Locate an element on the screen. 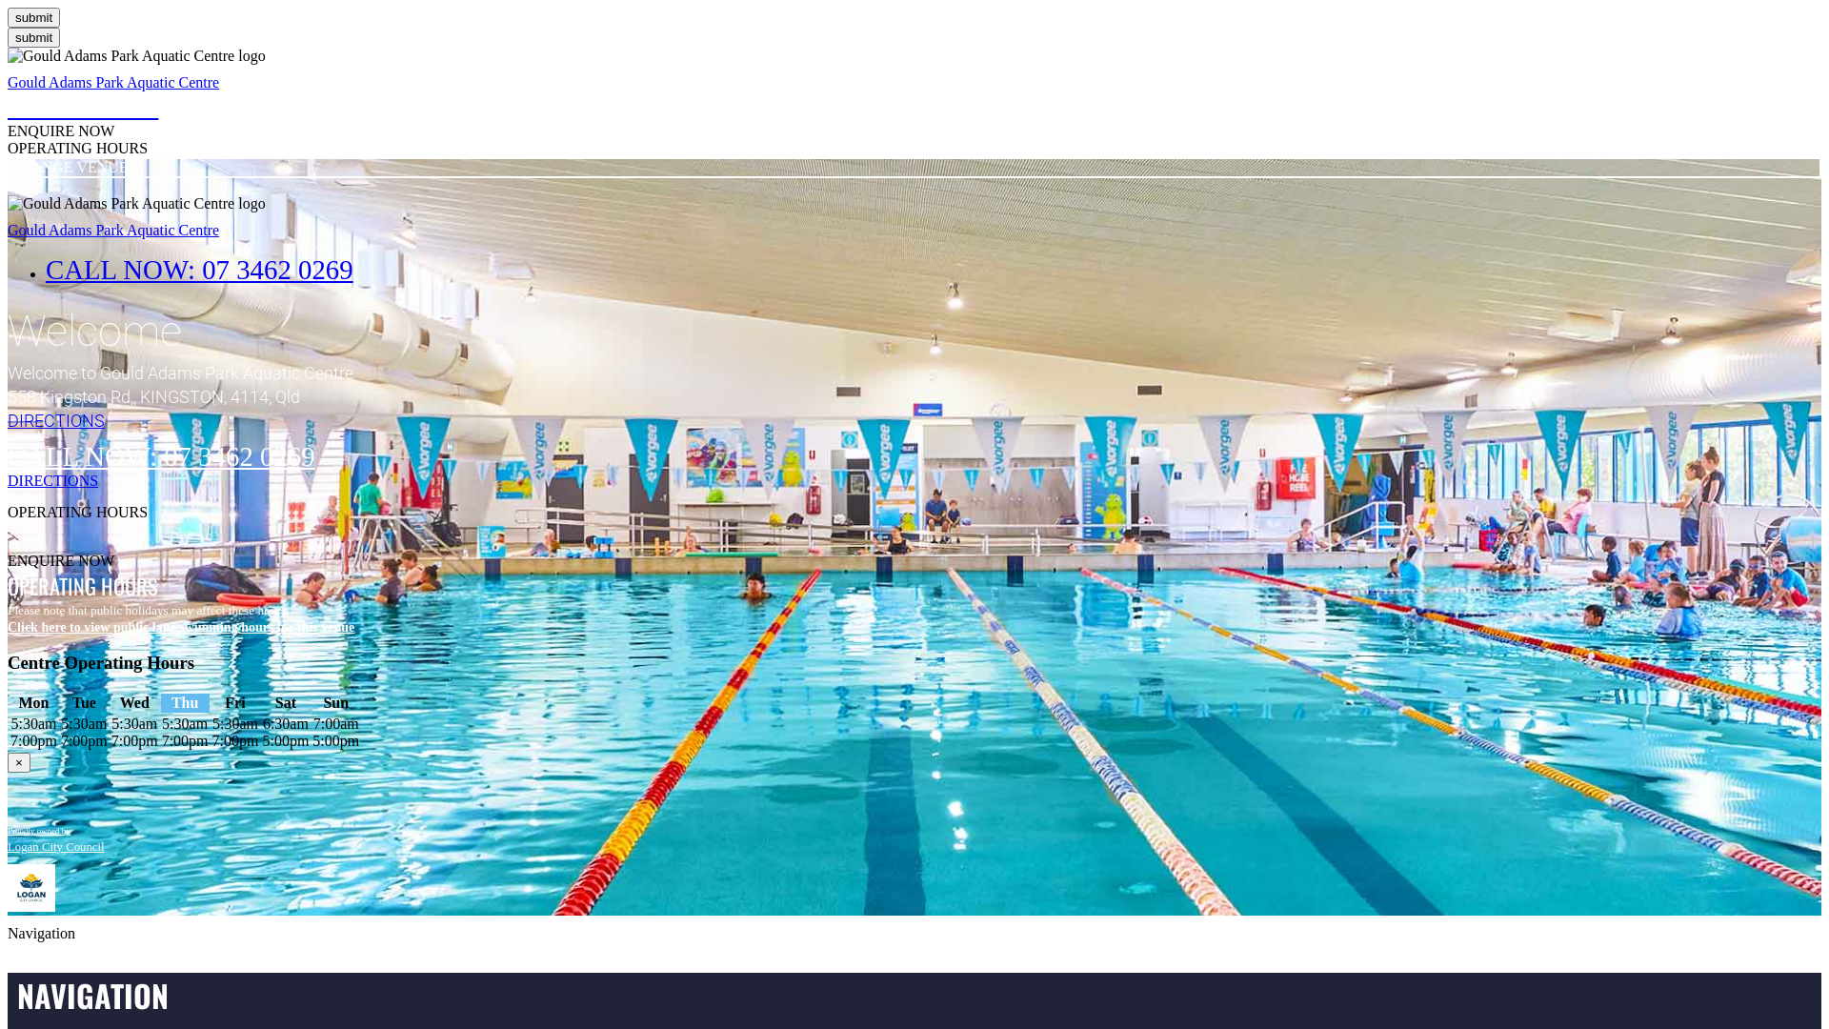 This screenshot has width=1829, height=1029. 'DIRECTIONS' is located at coordinates (914, 480).